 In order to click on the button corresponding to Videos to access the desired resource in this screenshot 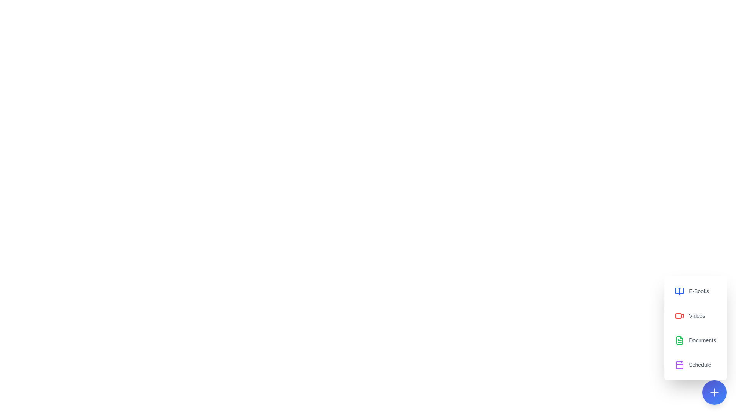, I will do `click(695, 316)`.